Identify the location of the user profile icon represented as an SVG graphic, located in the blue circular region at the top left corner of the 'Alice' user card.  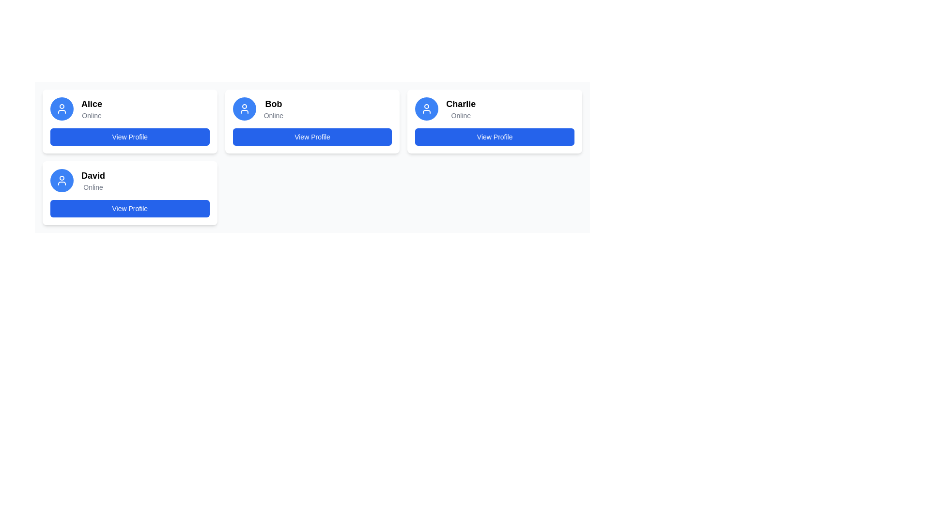
(62, 108).